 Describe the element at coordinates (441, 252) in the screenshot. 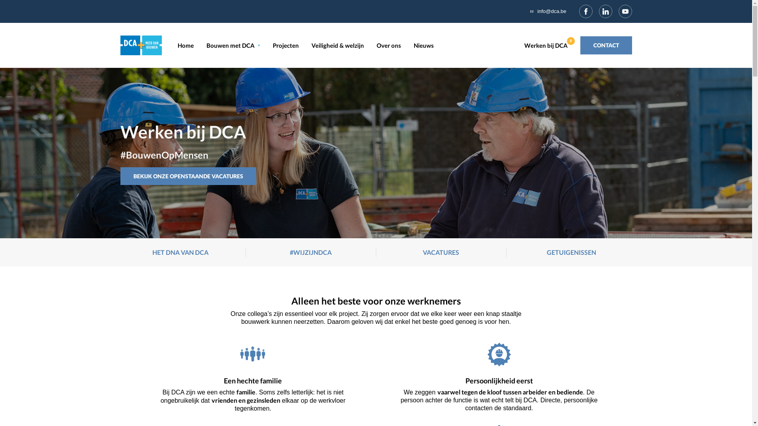

I see `'VACATURES'` at that location.